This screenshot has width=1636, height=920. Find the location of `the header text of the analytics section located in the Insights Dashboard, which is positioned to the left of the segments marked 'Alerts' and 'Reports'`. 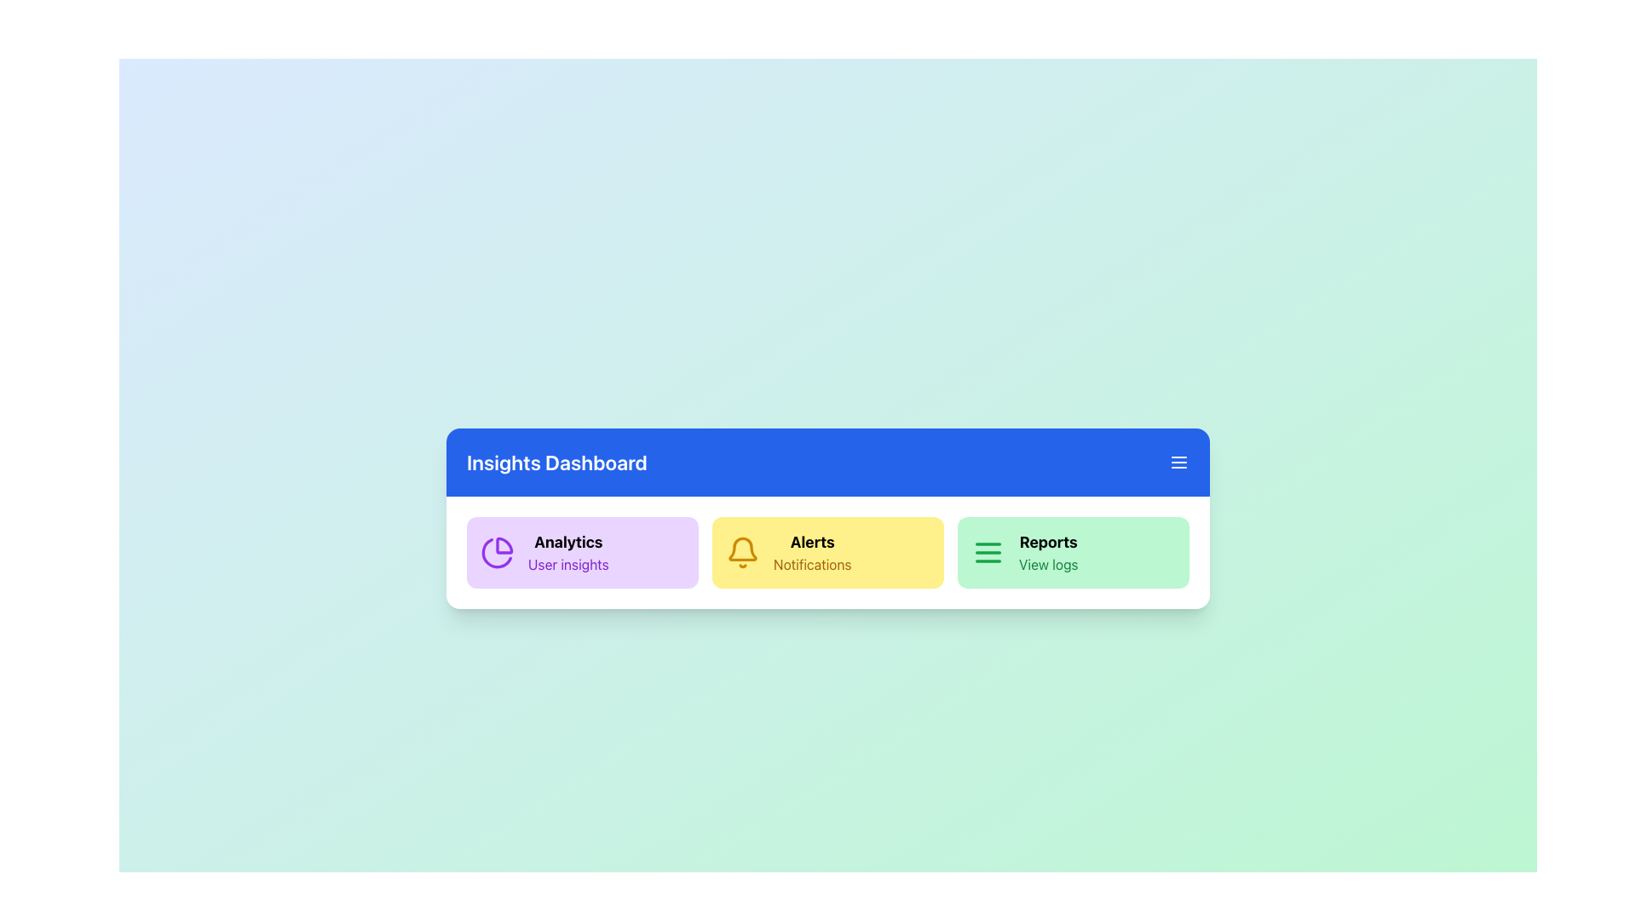

the header text of the analytics section located in the Insights Dashboard, which is positioned to the left of the segments marked 'Alerts' and 'Reports' is located at coordinates (568, 552).